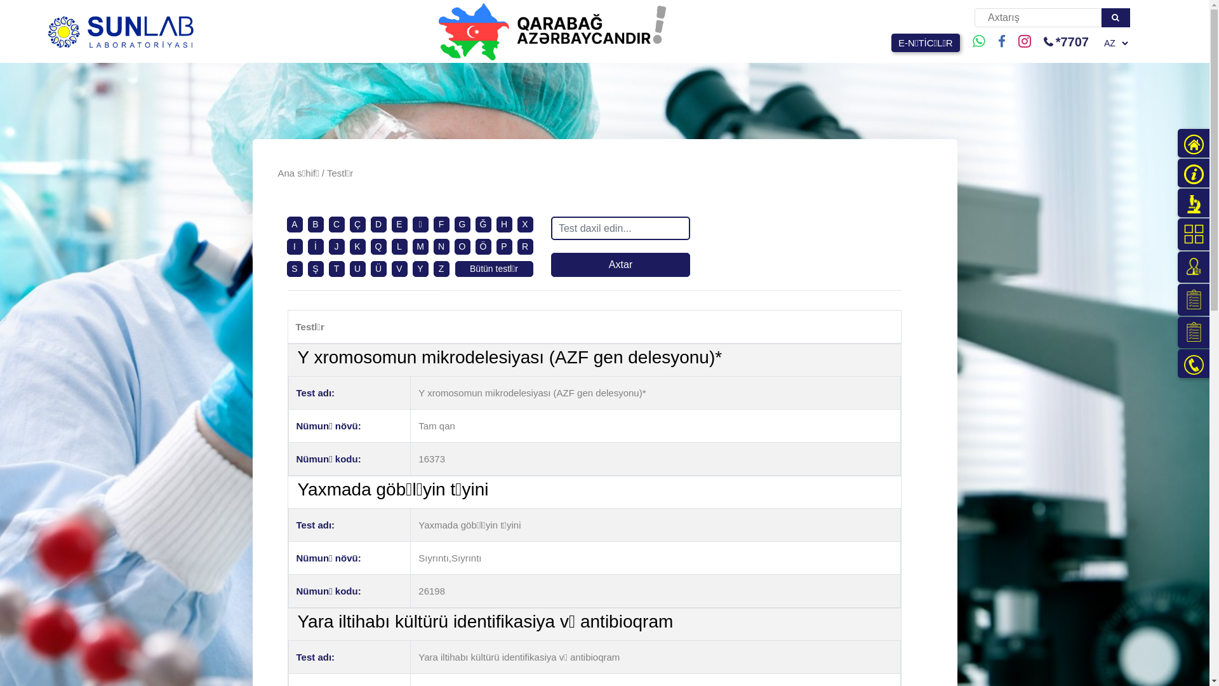 Image resolution: width=1219 pixels, height=686 pixels. I want to click on 'Facebook', so click(1001, 41).